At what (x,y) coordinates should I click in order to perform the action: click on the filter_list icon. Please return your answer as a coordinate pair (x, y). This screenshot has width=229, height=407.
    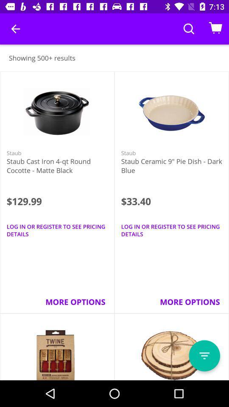
    Looking at the image, I should click on (204, 356).